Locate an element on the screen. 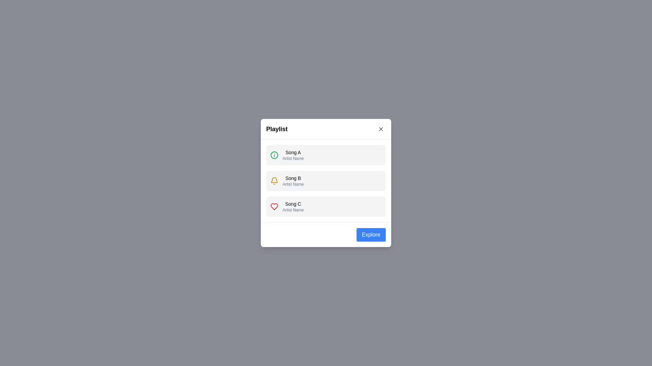 The width and height of the screenshot is (652, 366). the close button located at the top-right corner of the 'Playlist' card is located at coordinates (381, 129).